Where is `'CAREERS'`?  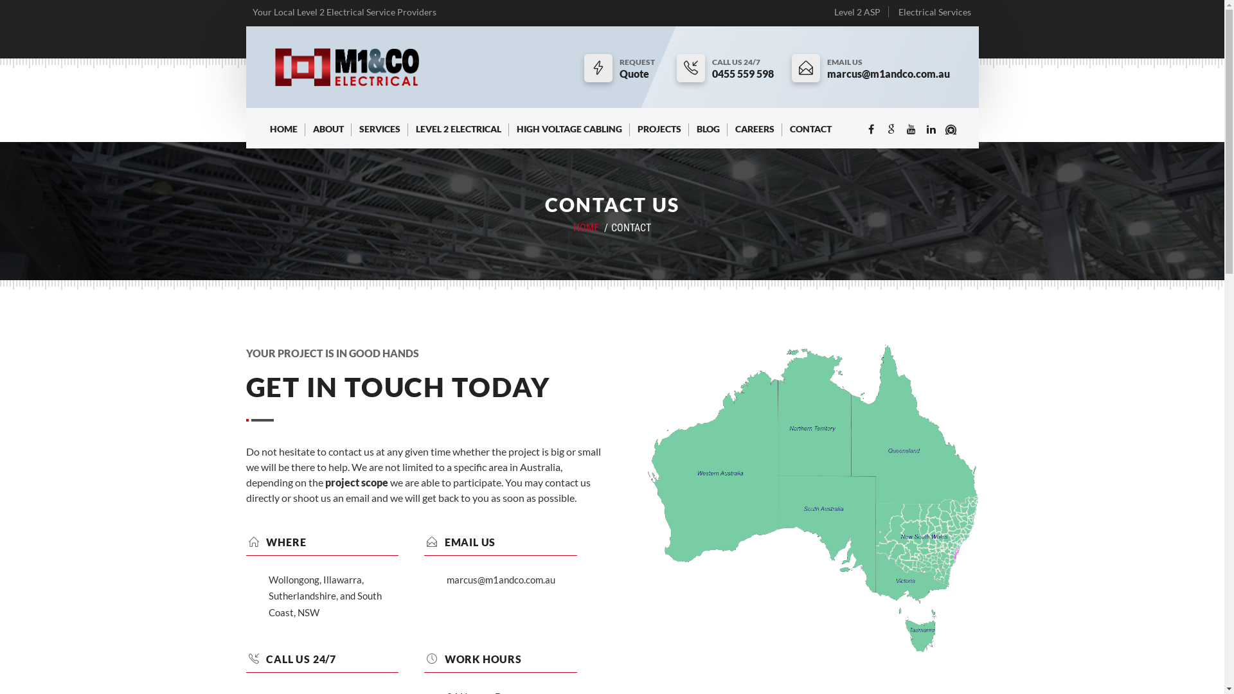
'CAREERS' is located at coordinates (755, 134).